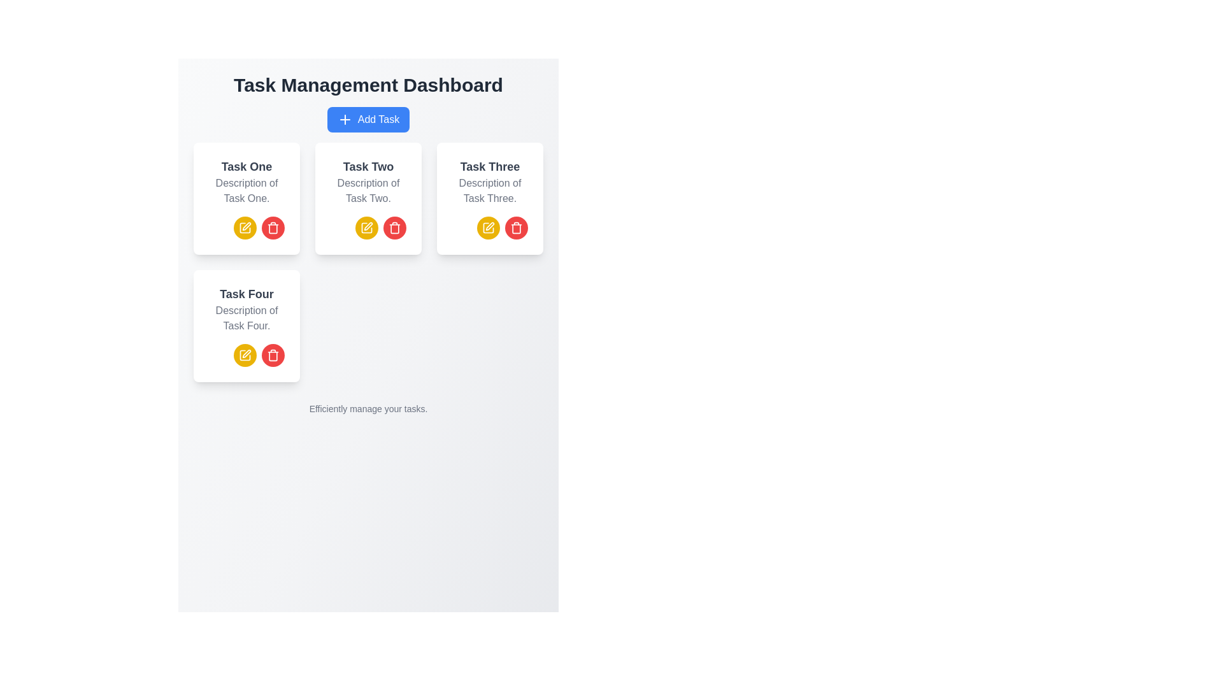  Describe the element at coordinates (366, 227) in the screenshot. I see `the edit icon for 'Task Two' in the second column of the task management dashboard` at that location.